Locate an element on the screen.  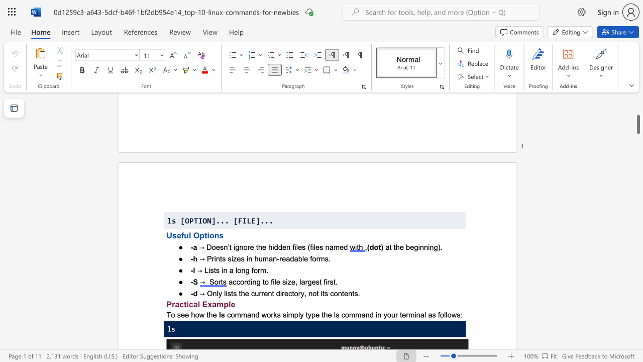
the subset text "t the beginning)" within the text "at the beginning)." is located at coordinates (389, 247).